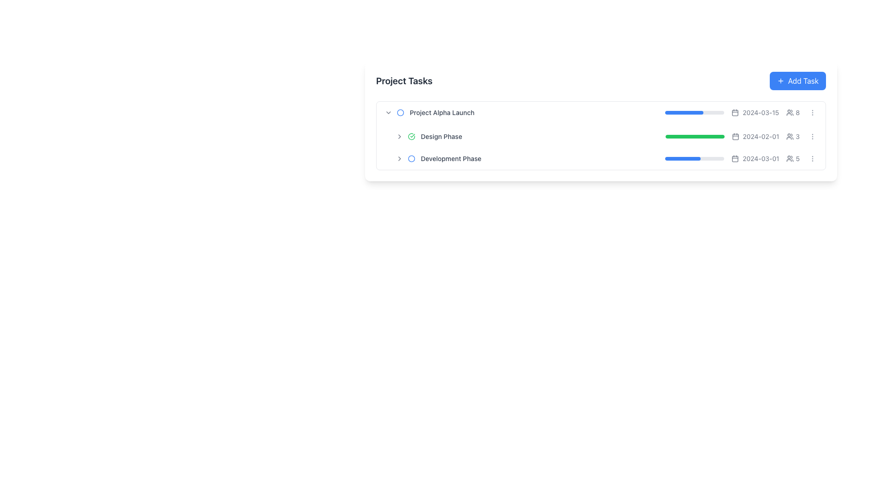 The width and height of the screenshot is (885, 497). Describe the element at coordinates (755, 112) in the screenshot. I see `the third date element in the 'Design Phase' row, which displays the due date for the related task and is positioned to the right of task titles and progress bars` at that location.